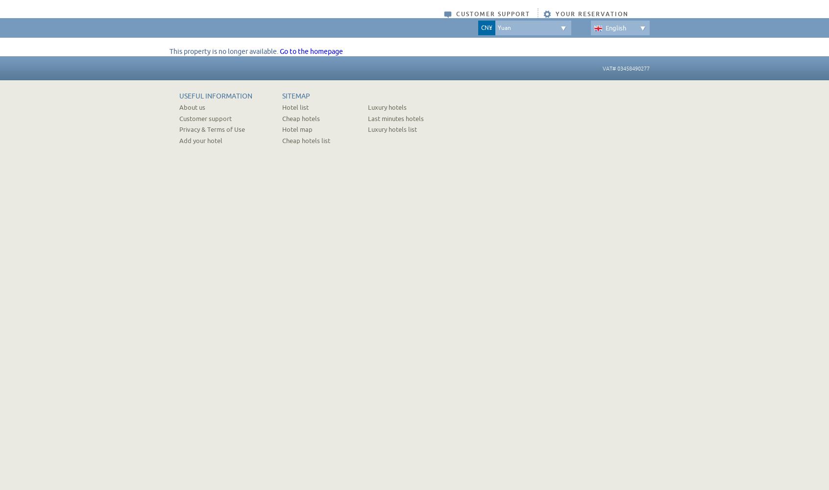 The image size is (829, 490). Describe the element at coordinates (300, 118) in the screenshot. I see `'Cheap hotels'` at that location.